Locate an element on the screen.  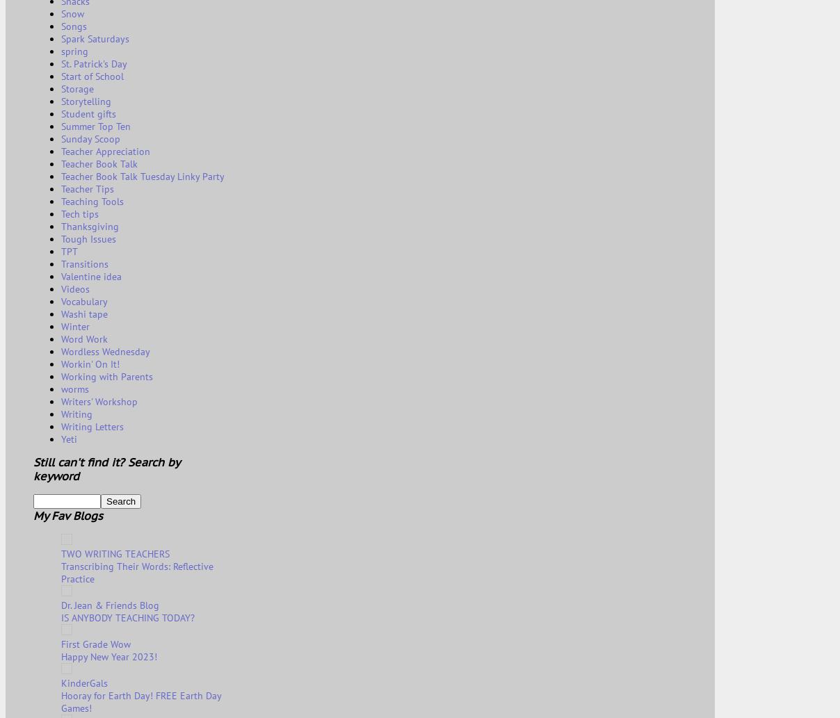
'Washi tape' is located at coordinates (83, 314).